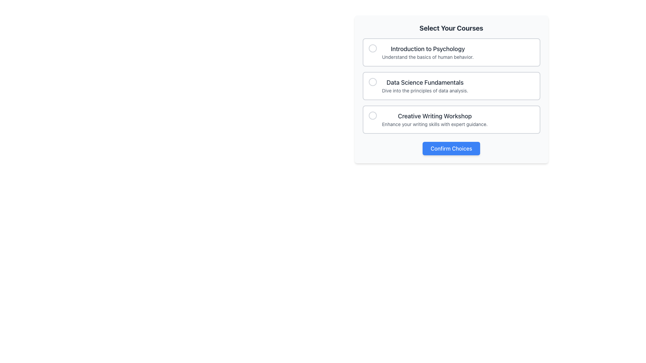 This screenshot has height=363, width=646. What do you see at coordinates (435, 124) in the screenshot?
I see `the descriptive subtitle for the 'Creative Writing Workshop' option, which provides additional details about the course content` at bounding box center [435, 124].